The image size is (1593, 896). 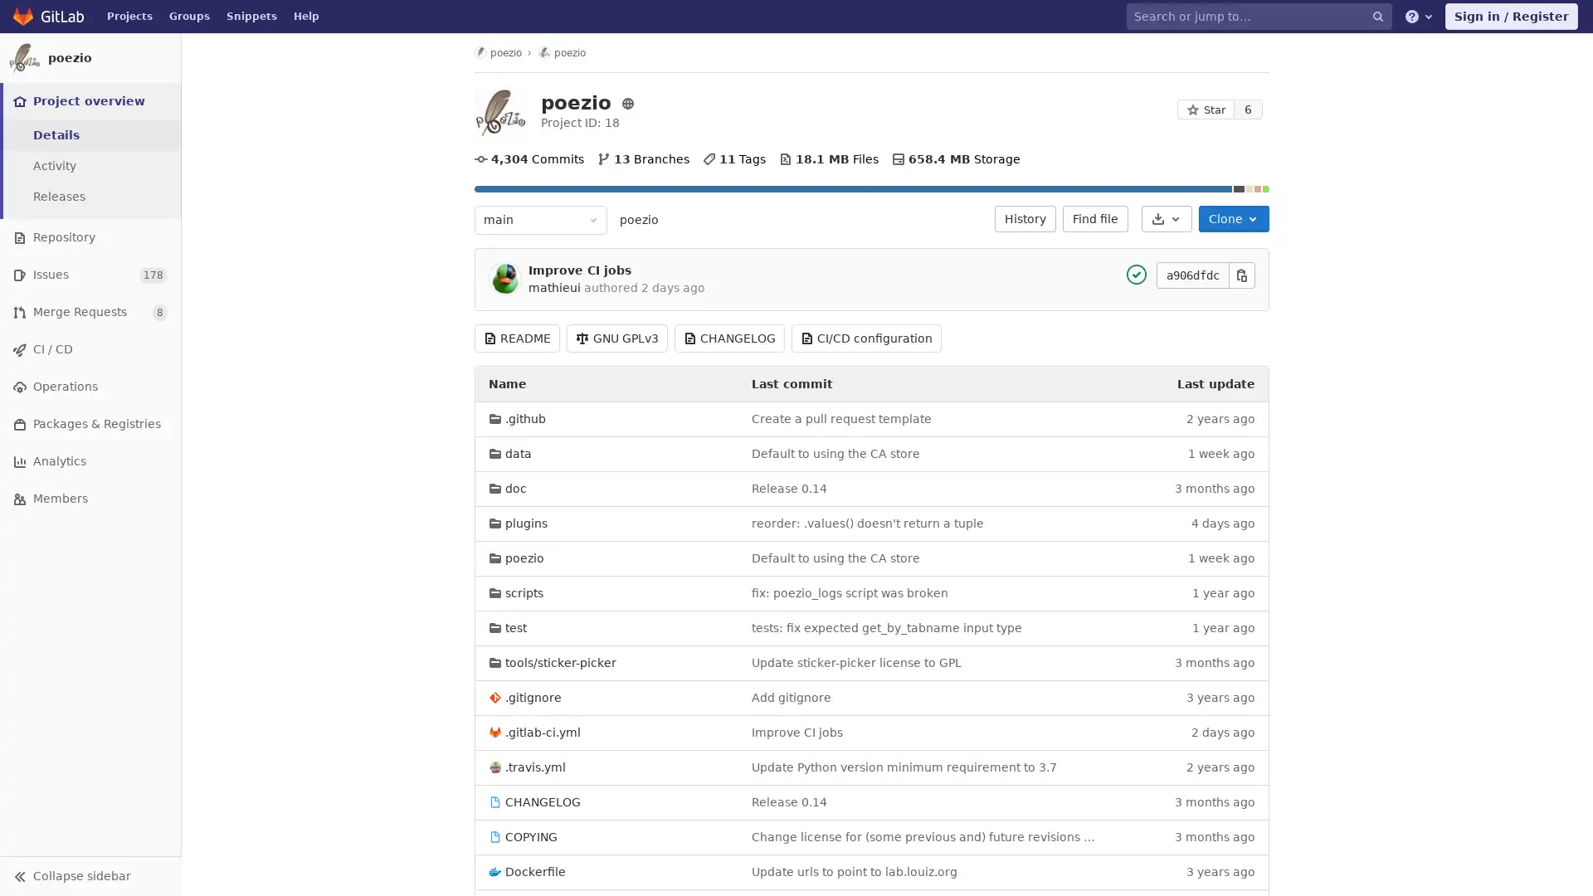 I want to click on Download, so click(x=1181, y=217).